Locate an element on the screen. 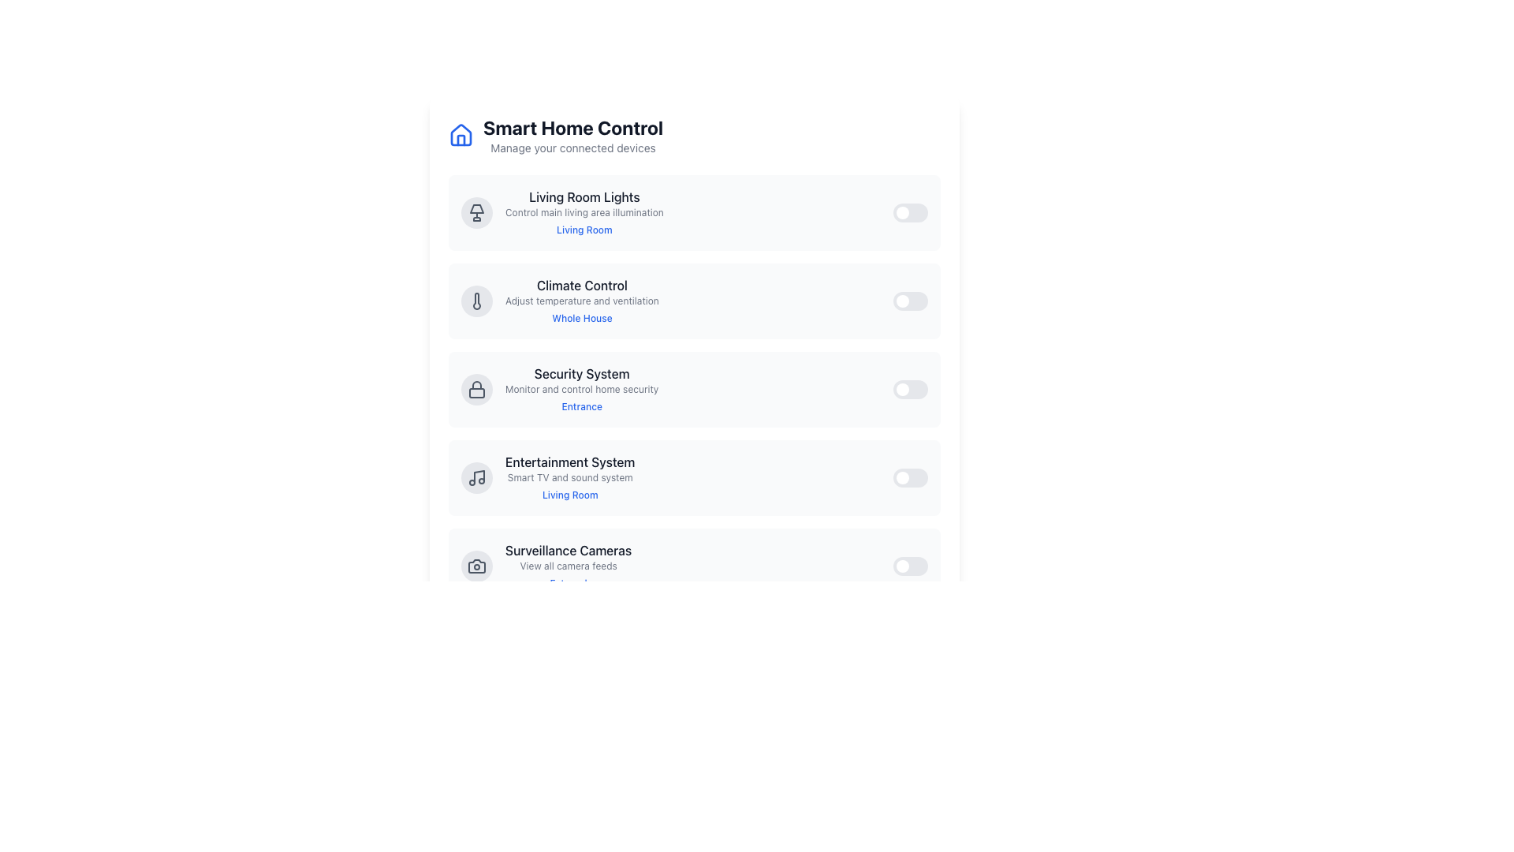 The image size is (1514, 852). the 'Surveillance Cameras' list item, which consists of a gray circular icon with a camera symbol and a title in bold black font, to trigger the tooltip or hover effects is located at coordinates (546, 565).